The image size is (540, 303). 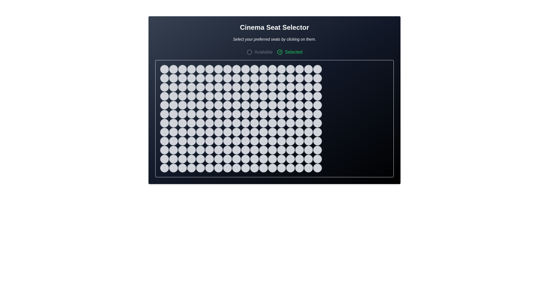 I want to click on the center of the Cinema Seat Selection component to focus on it, so click(x=274, y=128).